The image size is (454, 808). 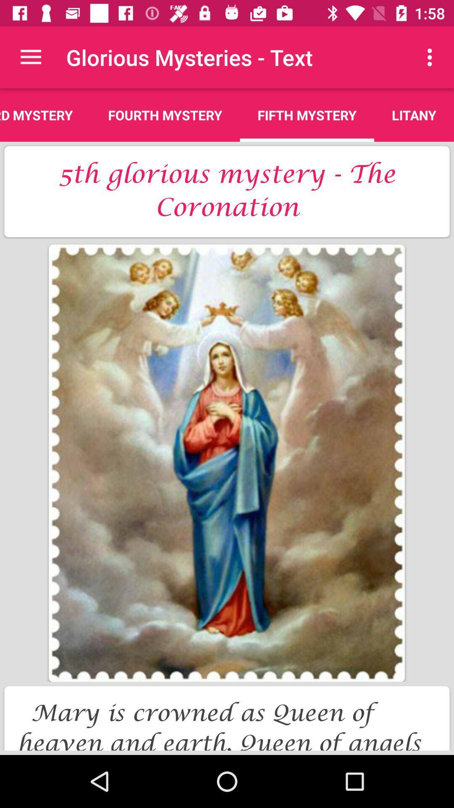 I want to click on the icon to the right of fifth mystery, so click(x=432, y=57).